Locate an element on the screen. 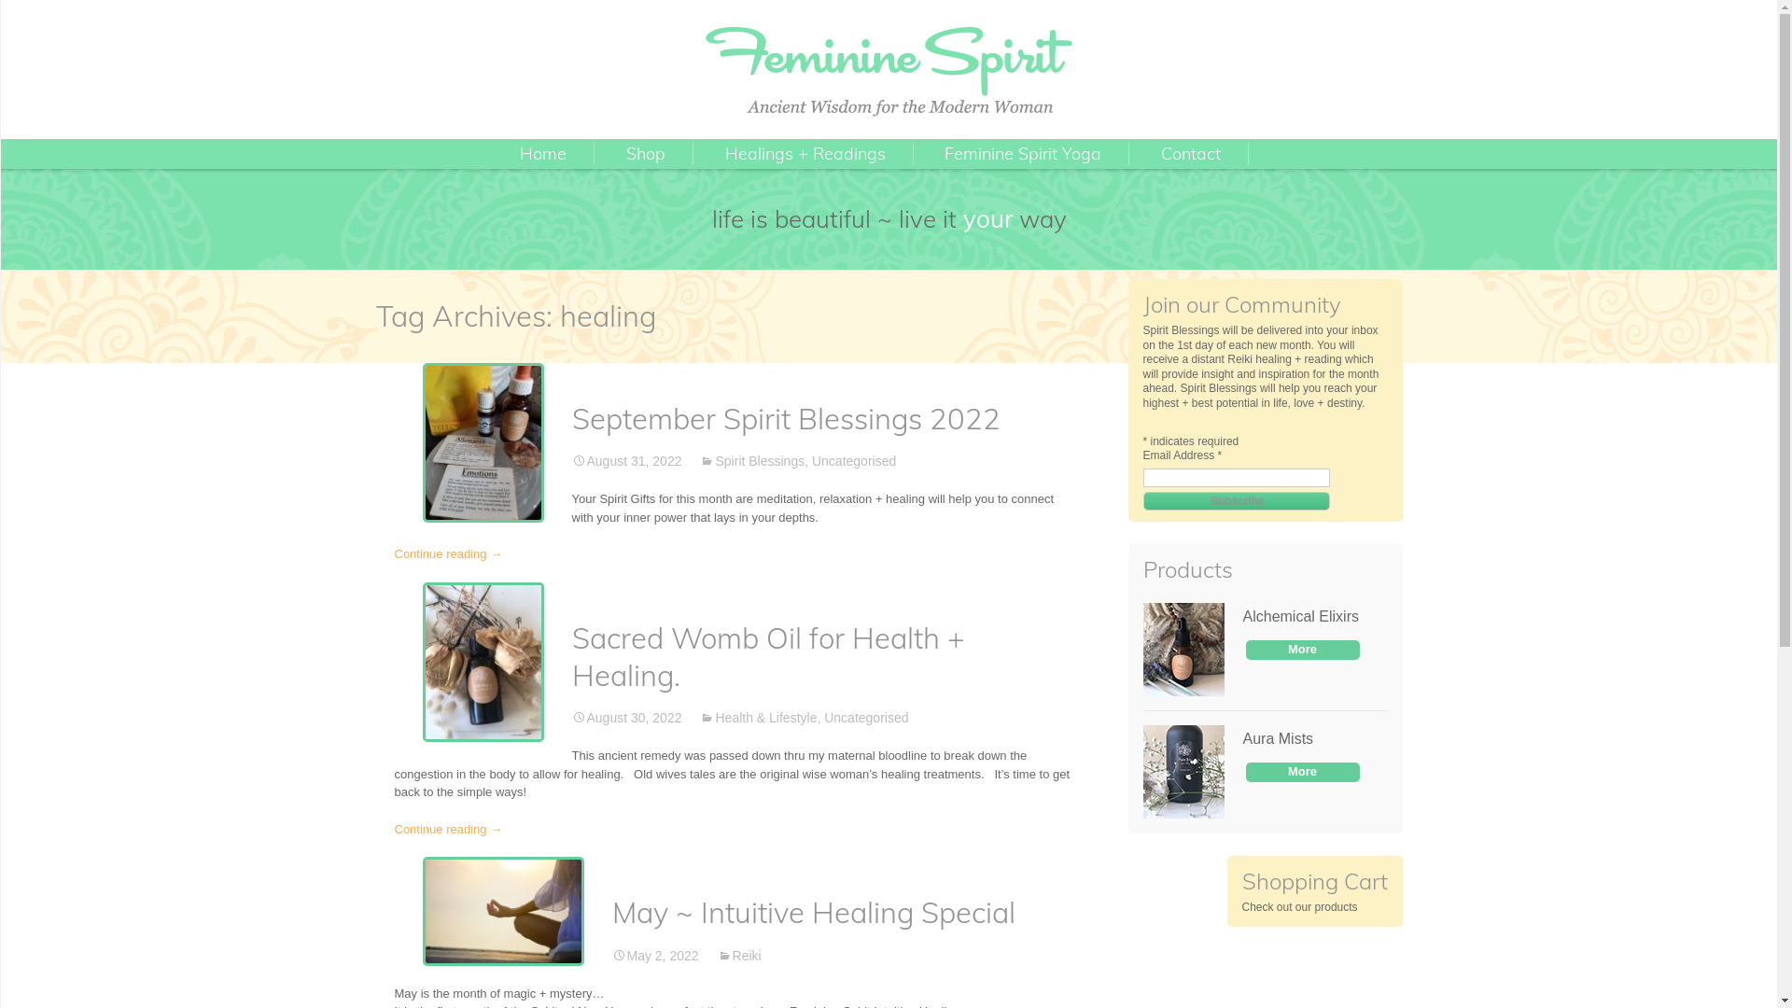 Image resolution: width=1792 pixels, height=1008 pixels. 'Healings + Readings' is located at coordinates (805, 153).